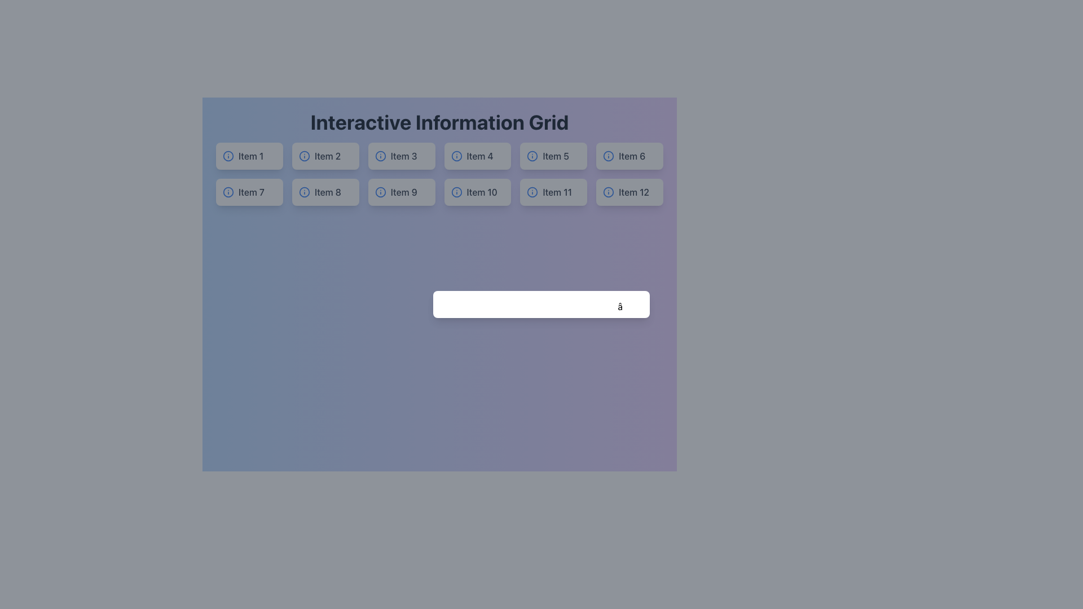 Image resolution: width=1083 pixels, height=609 pixels. What do you see at coordinates (325, 156) in the screenshot?
I see `displayed text from the label with the icon that shows 'Item 2', styled in medium gray with a bold font, and positioned in the second column of the first row in the grid` at bounding box center [325, 156].